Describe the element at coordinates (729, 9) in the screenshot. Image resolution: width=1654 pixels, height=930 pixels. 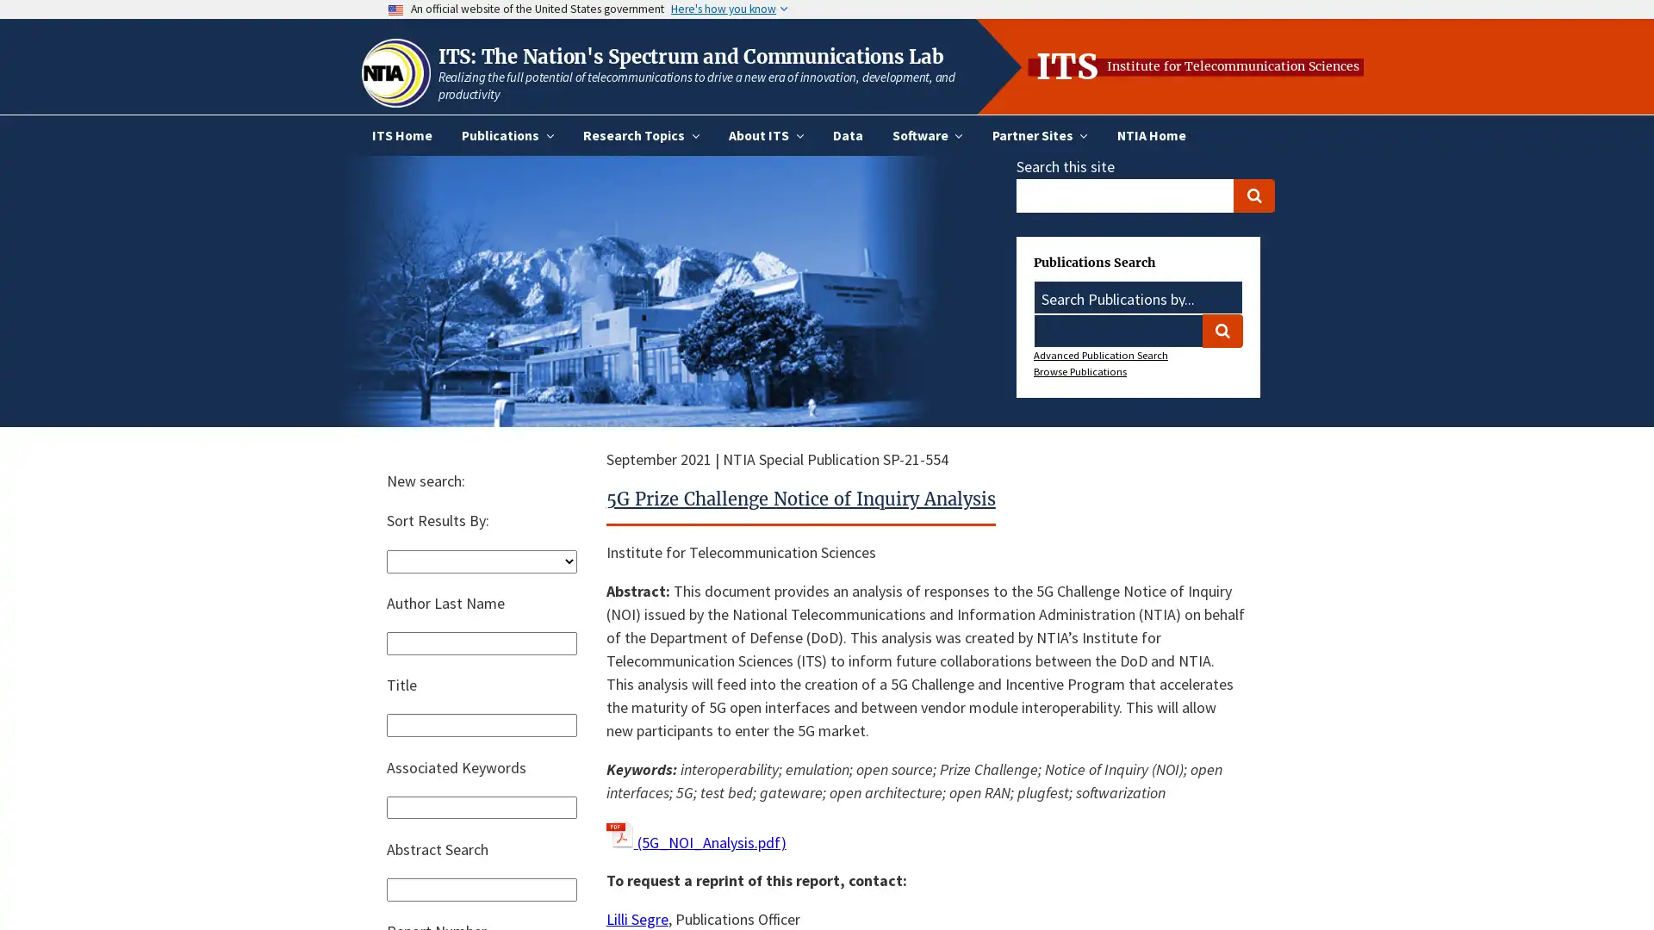
I see `Here's how you know` at that location.